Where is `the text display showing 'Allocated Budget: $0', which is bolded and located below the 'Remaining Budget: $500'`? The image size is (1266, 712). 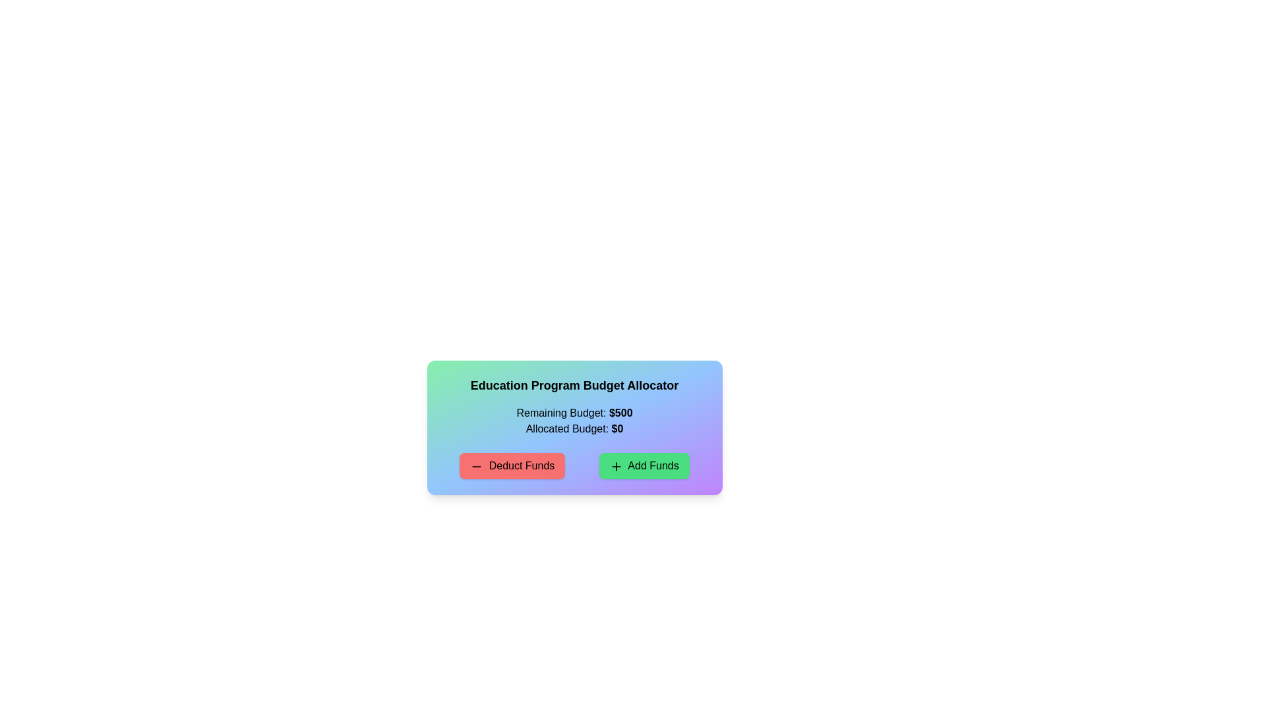
the text display showing 'Allocated Budget: $0', which is bolded and located below the 'Remaining Budget: $500' is located at coordinates (574, 429).